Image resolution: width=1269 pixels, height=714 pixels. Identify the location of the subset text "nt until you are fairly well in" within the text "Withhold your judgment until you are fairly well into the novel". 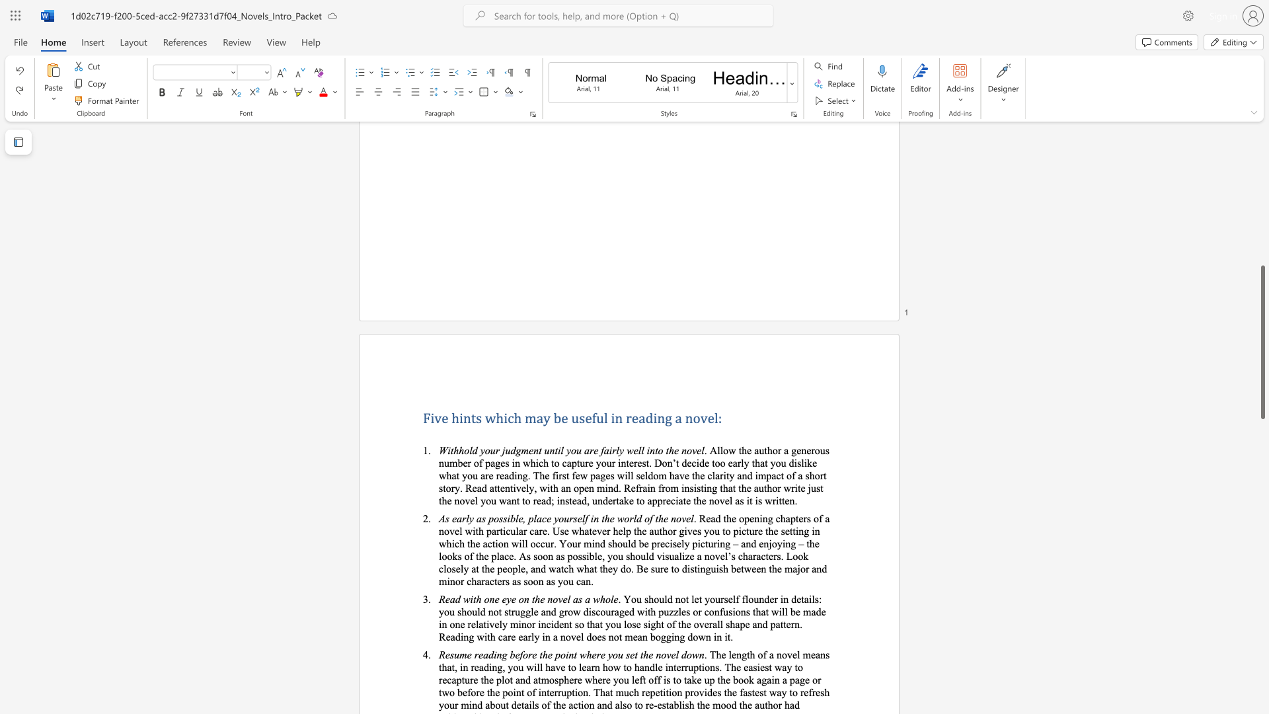
(533, 450).